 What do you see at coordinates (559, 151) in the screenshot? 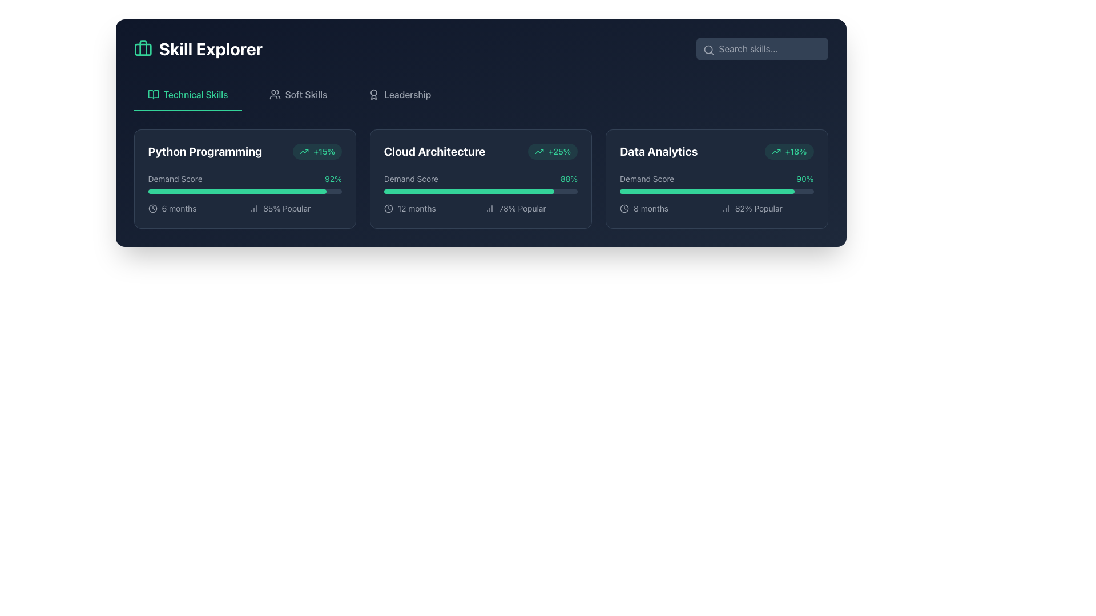
I see `the text field displaying '+25%' styled with green text, located adjacent to a trend icon in the 'Cloud Architecture' card` at bounding box center [559, 151].